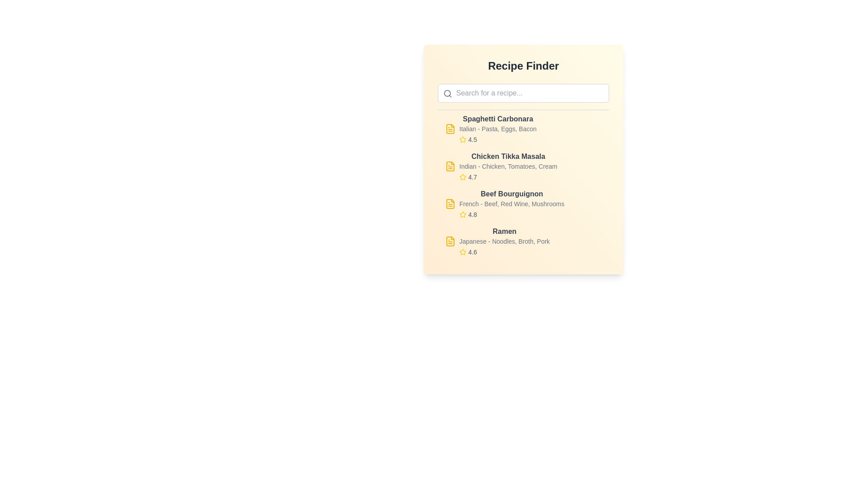  What do you see at coordinates (463, 177) in the screenshot?
I see `the rating icon that visually represents the score of '4.7' for the 'Chicken Tikka Masala' recipe` at bounding box center [463, 177].